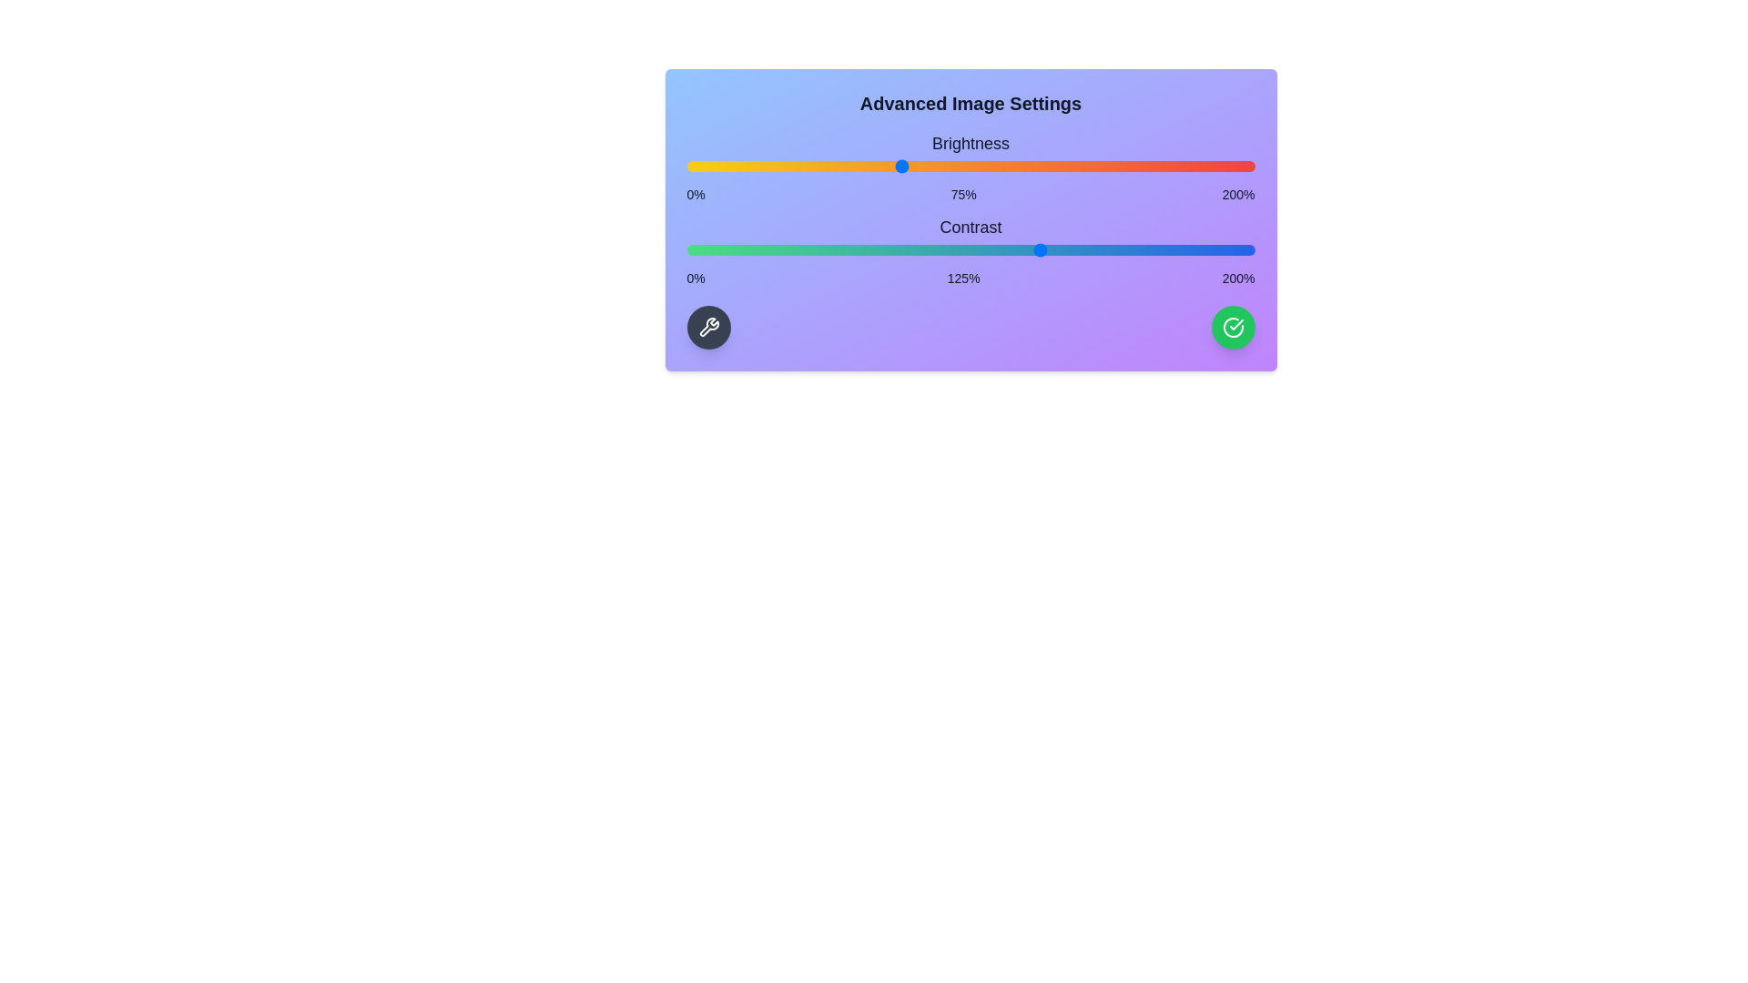  Describe the element at coordinates (707, 326) in the screenshot. I see `the wrench button to open the settings` at that location.